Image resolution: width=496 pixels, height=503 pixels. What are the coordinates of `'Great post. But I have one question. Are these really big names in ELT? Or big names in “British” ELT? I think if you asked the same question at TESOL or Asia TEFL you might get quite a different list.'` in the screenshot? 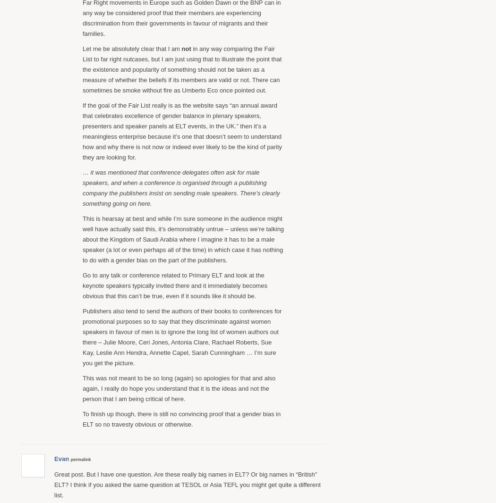 It's located at (187, 484).